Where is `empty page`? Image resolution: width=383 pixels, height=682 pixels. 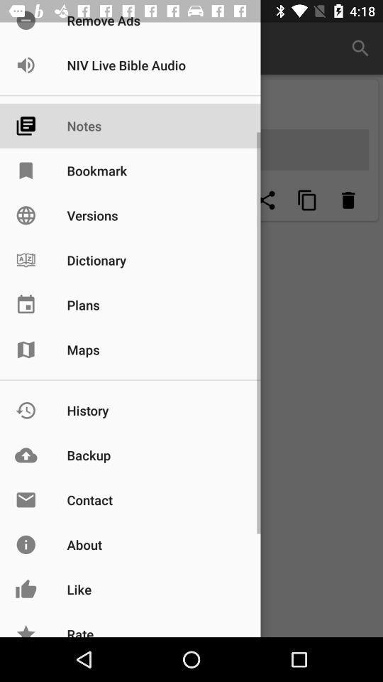
empty page is located at coordinates (226, 200).